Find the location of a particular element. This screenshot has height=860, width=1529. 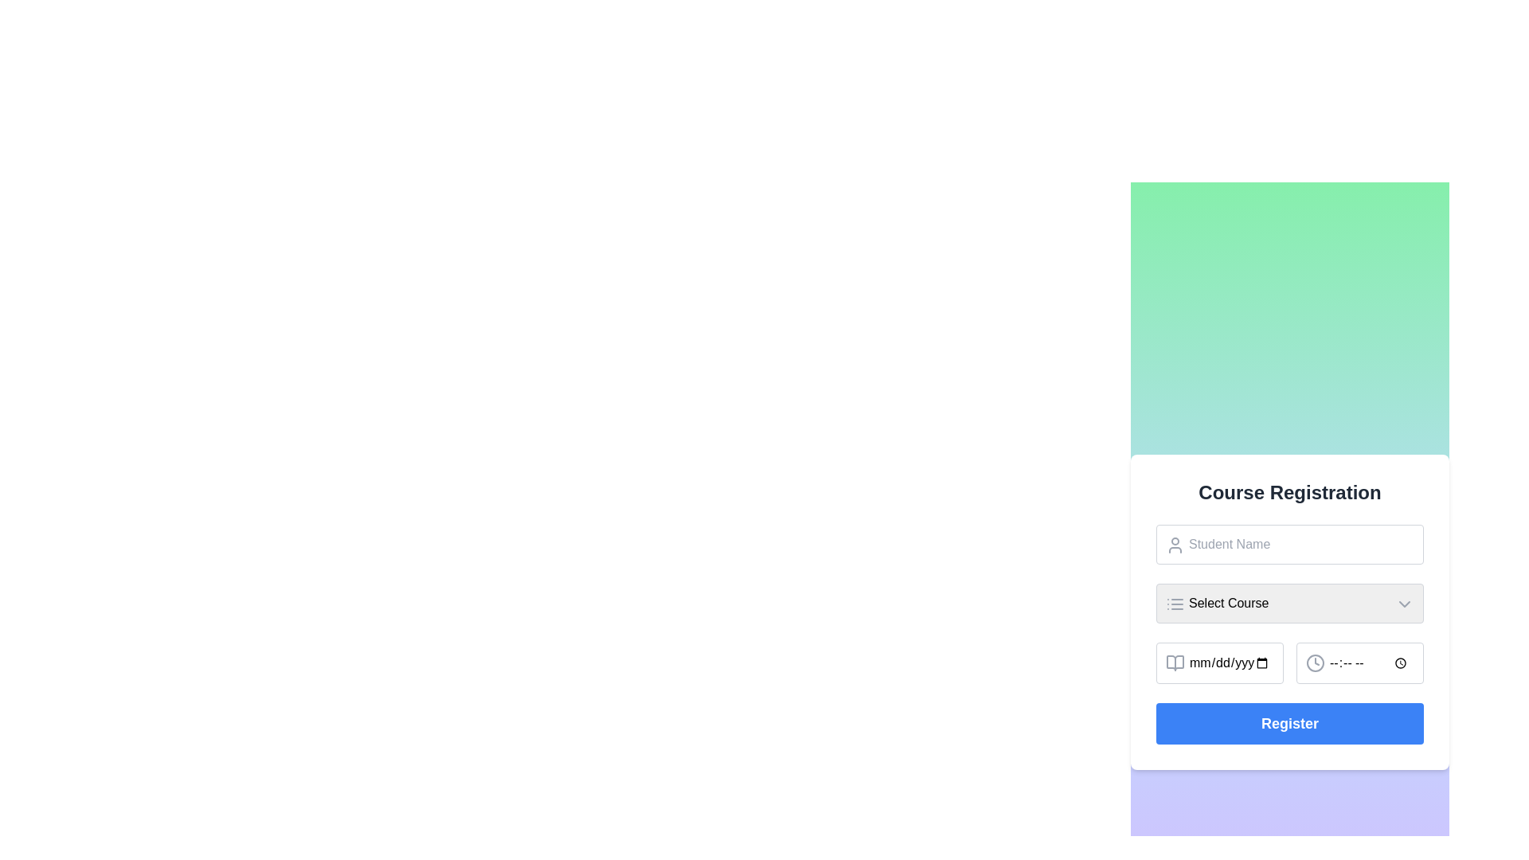

the Dropdown Menu located centrally in the 'Course Registration' form is located at coordinates (1290, 604).